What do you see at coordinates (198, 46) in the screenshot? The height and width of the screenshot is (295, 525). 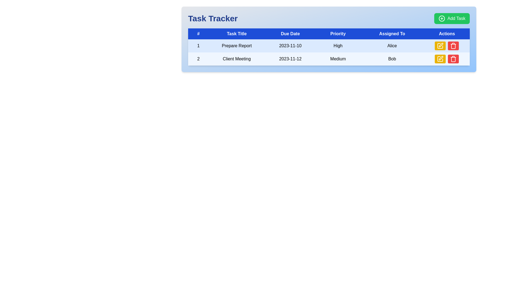 I see `the table cell displaying the numeral '1' in black font against a light blue background, located in the first cell of the first row under the '#' header` at bounding box center [198, 46].